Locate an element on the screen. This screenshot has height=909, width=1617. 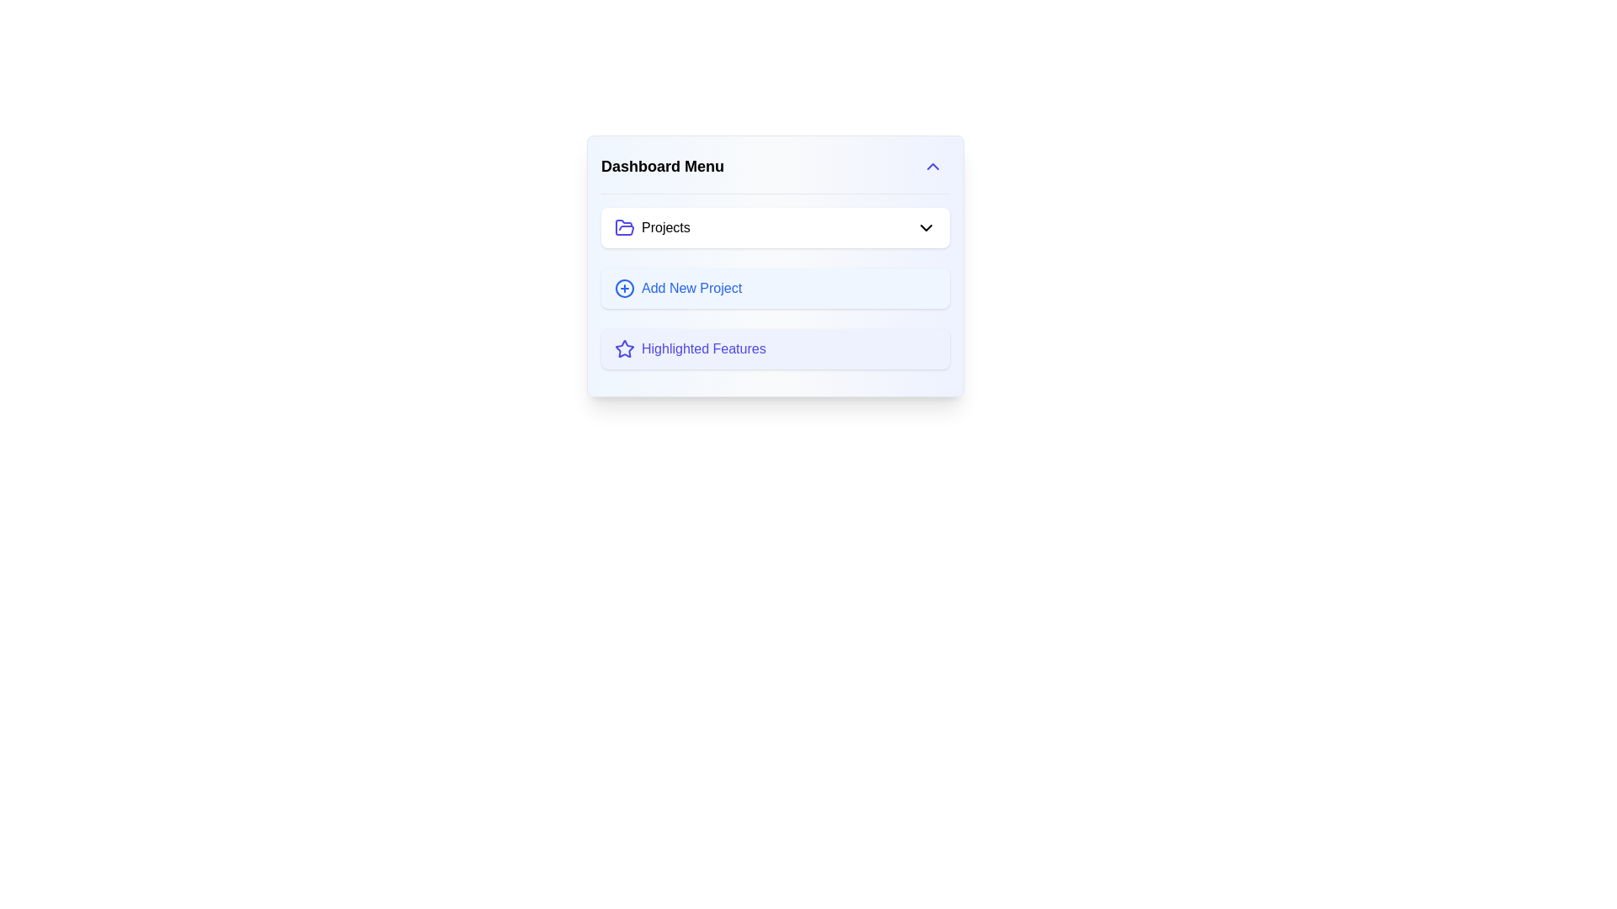
the text label displaying 'Projects', which is in bold black font and located near the top of the vertical dashboard menu, adjacent to a folder icon is located at coordinates (664, 227).